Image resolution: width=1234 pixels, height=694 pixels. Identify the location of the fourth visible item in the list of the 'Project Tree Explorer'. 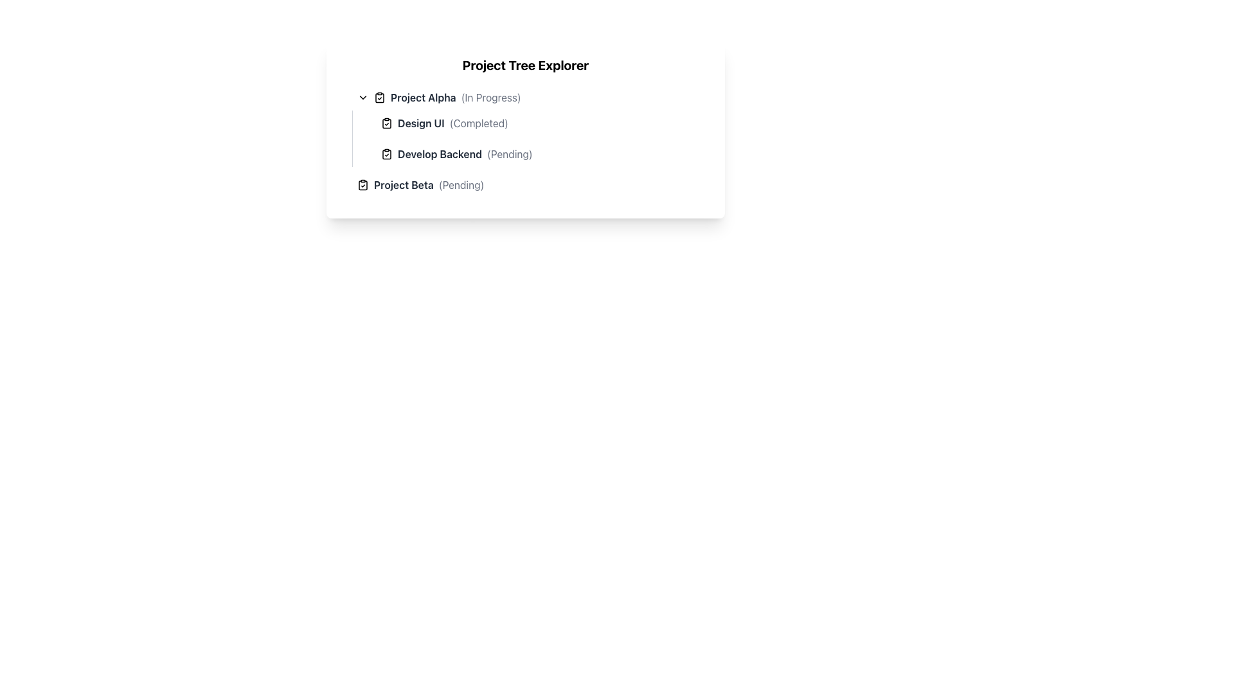
(530, 185).